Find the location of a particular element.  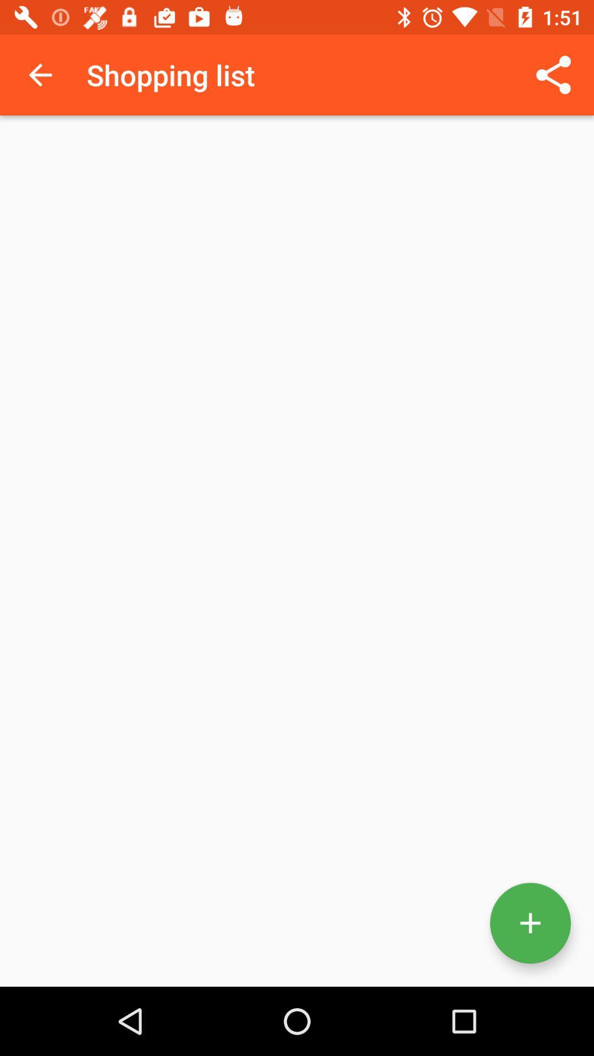

the app to the left of the shopping list is located at coordinates (40, 74).